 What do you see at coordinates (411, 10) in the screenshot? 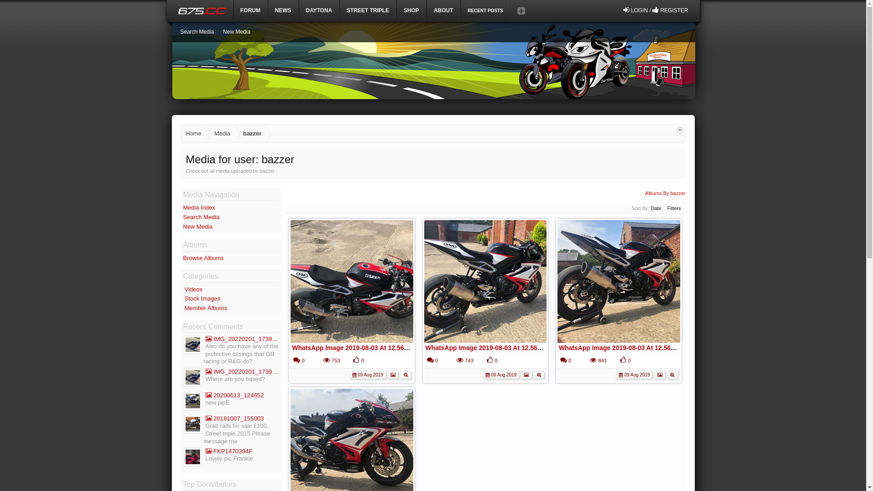
I see `'SHOP'` at bounding box center [411, 10].